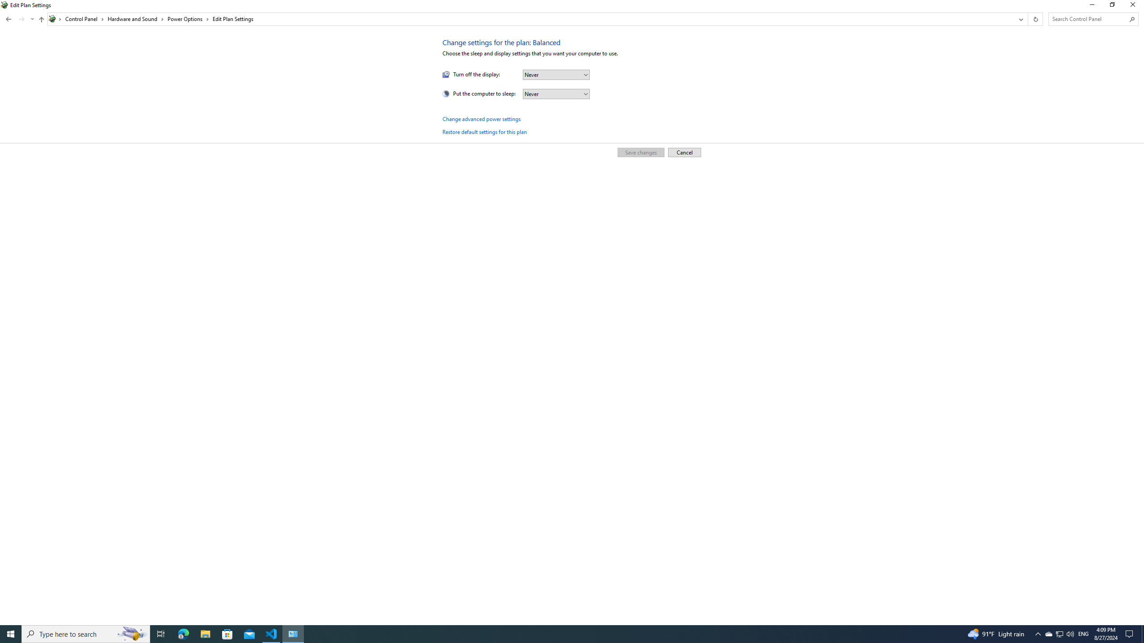 The height and width of the screenshot is (643, 1144). What do you see at coordinates (232, 19) in the screenshot?
I see `'Edit Plan Settings'` at bounding box center [232, 19].